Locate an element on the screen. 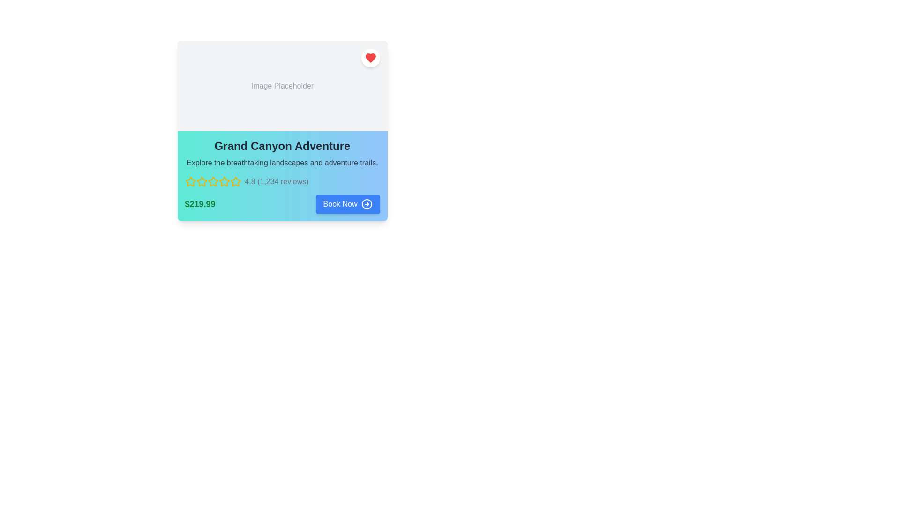 This screenshot has width=900, height=506. the icon located on the right side of the 'Book Now' button at the bottom right of the card is located at coordinates (366, 203).